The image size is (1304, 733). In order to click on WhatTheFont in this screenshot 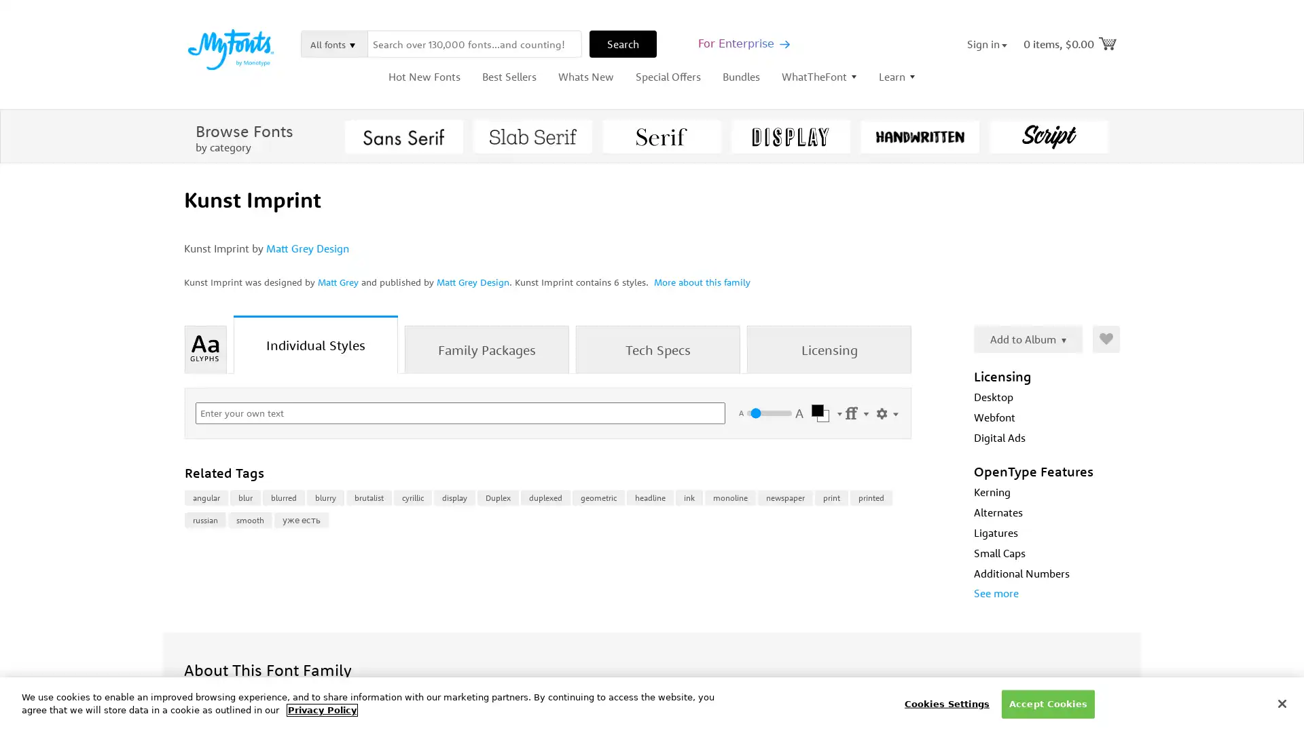, I will do `click(818, 76)`.